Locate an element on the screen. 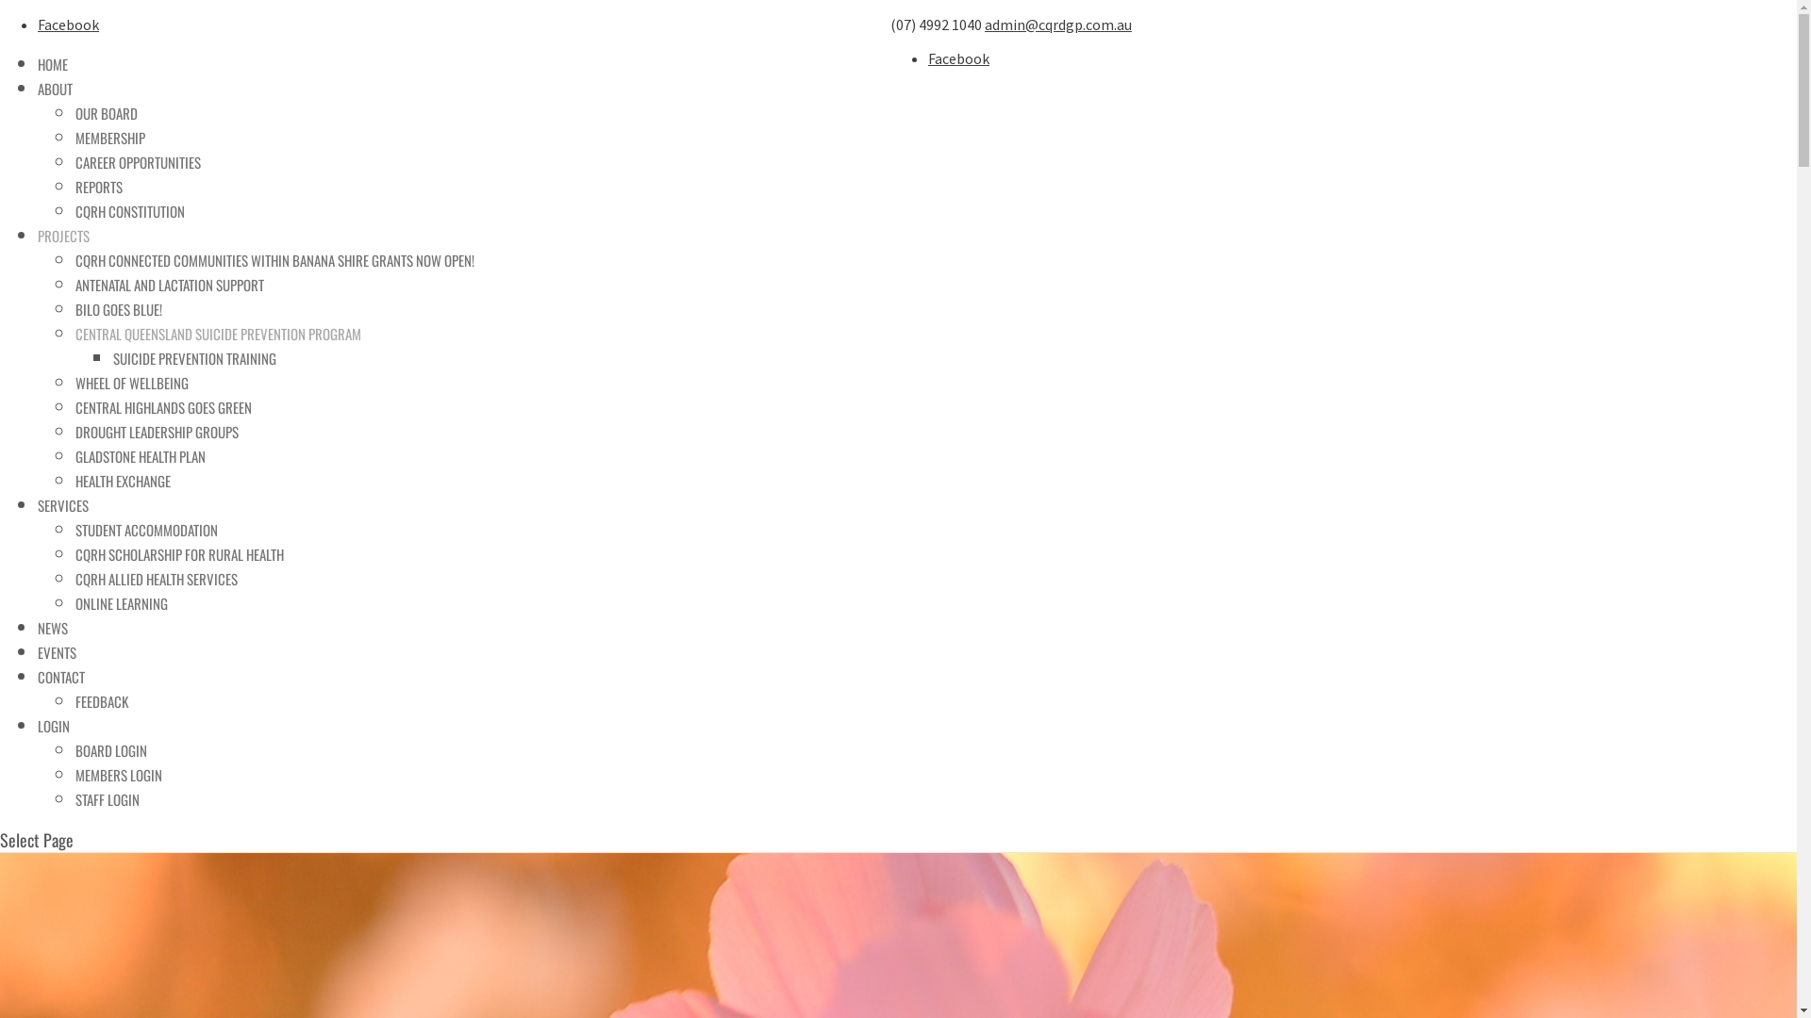  'REPORTS' is located at coordinates (75, 186).